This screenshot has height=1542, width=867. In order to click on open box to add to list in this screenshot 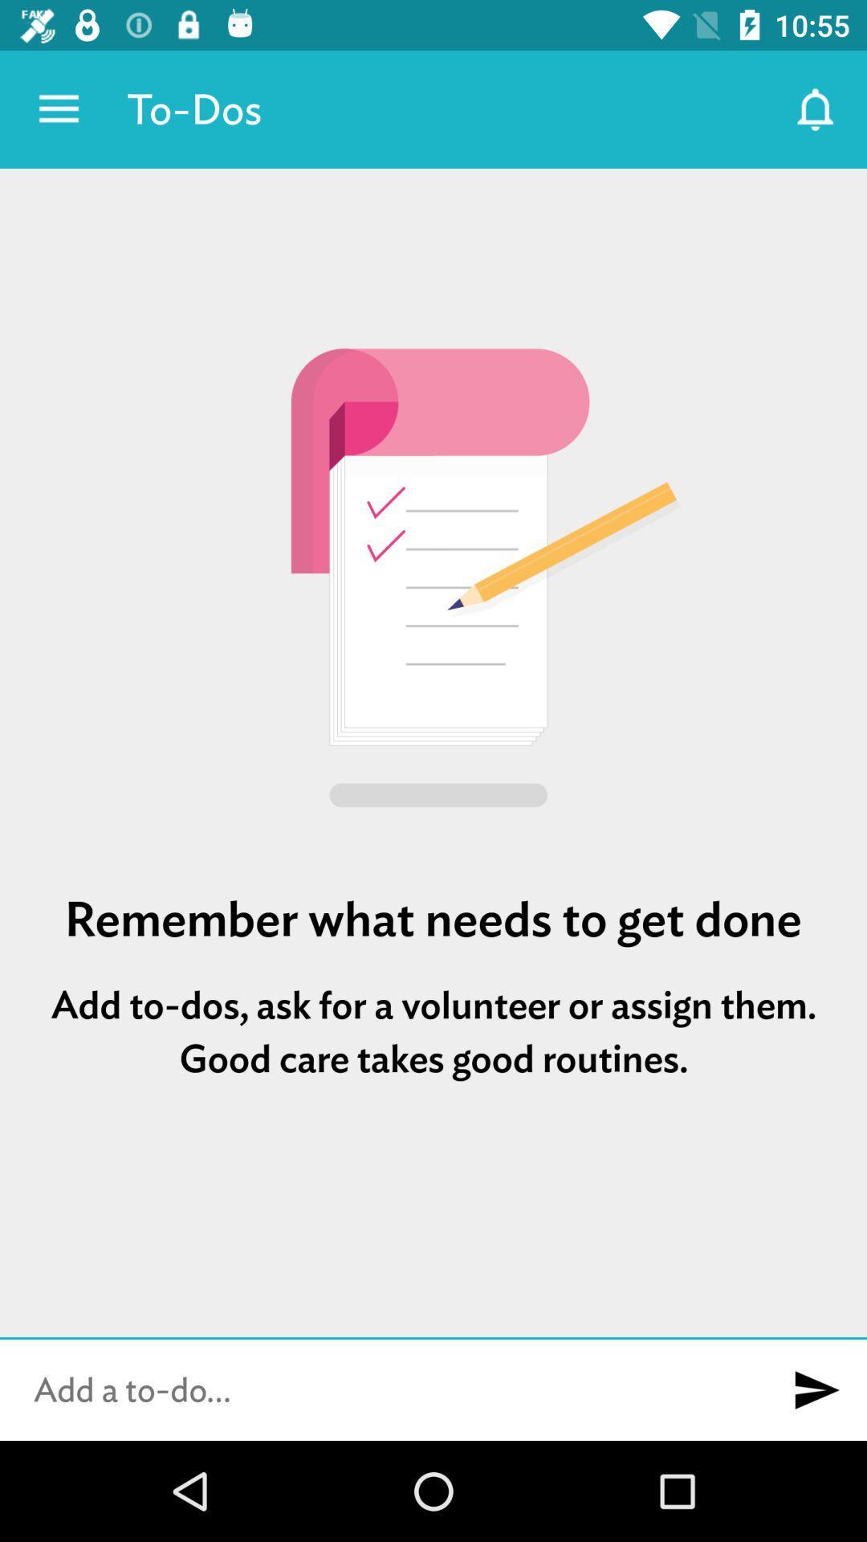, I will do `click(383, 1389)`.